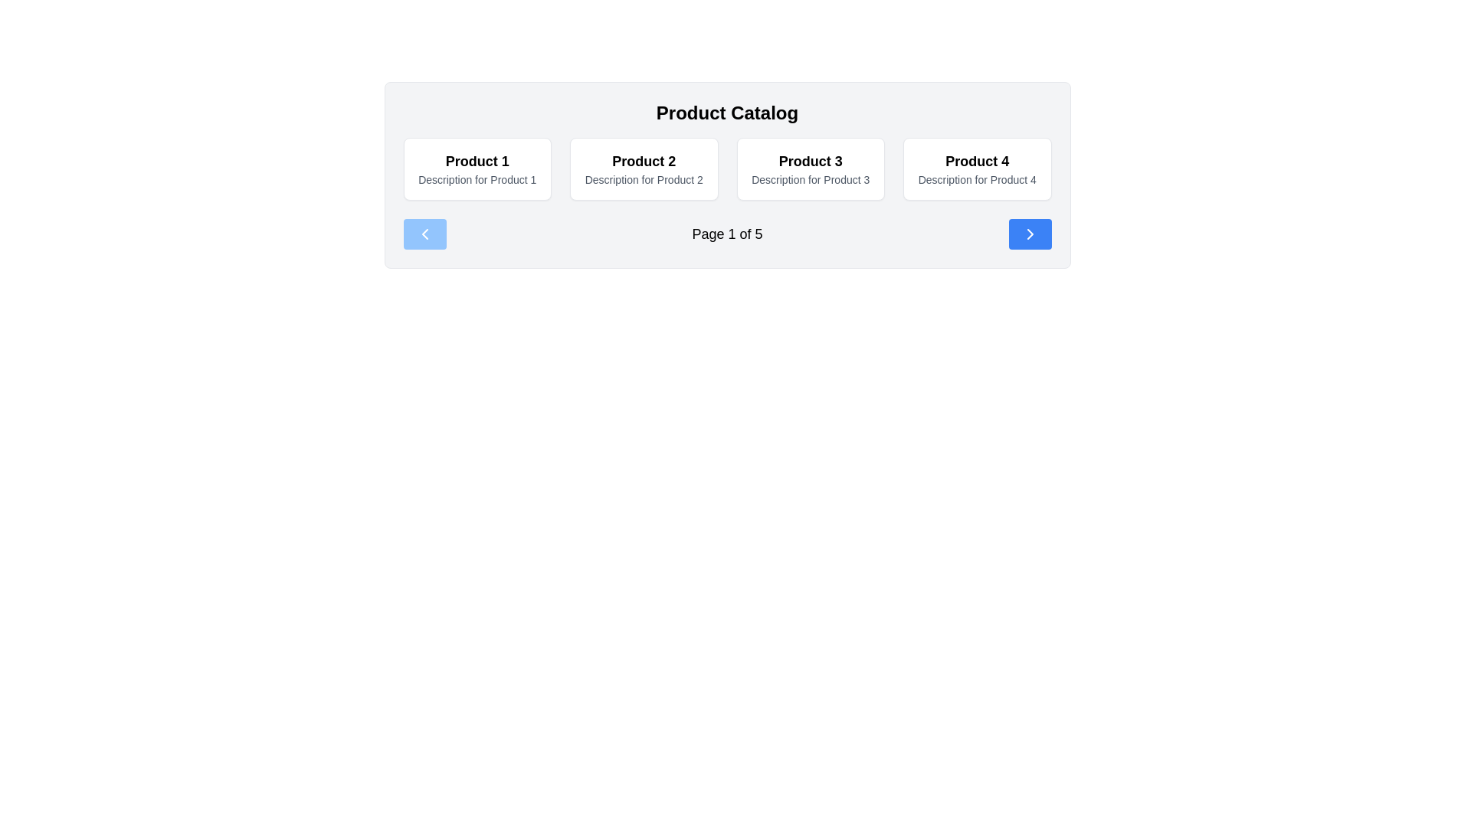 The width and height of the screenshot is (1471, 827). What do you see at coordinates (644, 179) in the screenshot?
I see `the descriptive text label for 'Product 2' located in the second product card, positioned below its title` at bounding box center [644, 179].